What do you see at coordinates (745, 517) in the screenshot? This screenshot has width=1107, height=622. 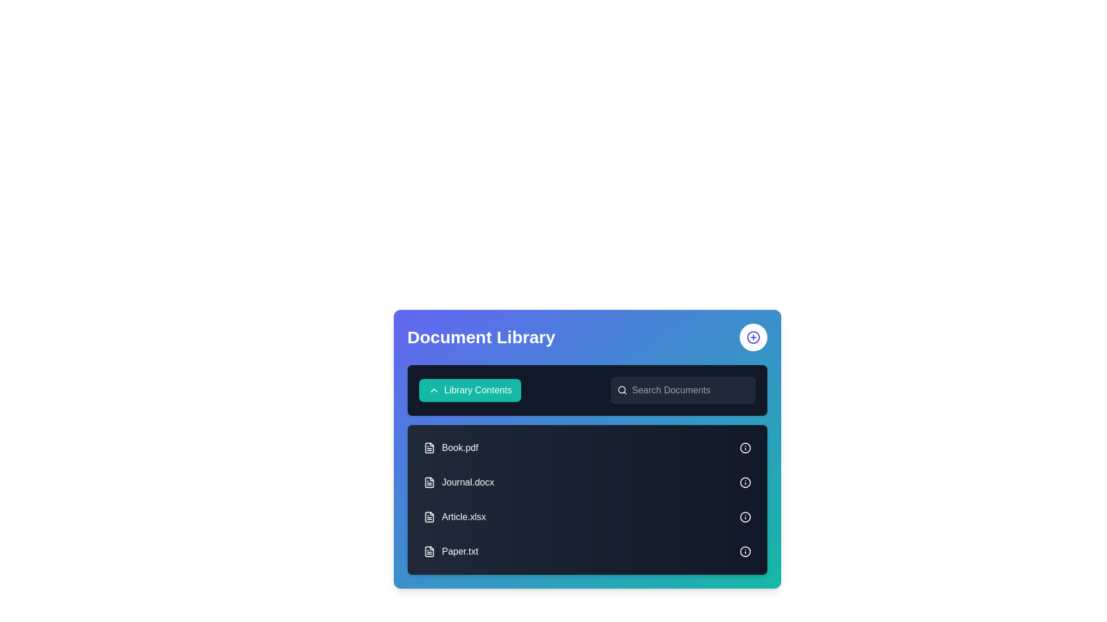 I see `the informational or action-trigger icon located to the far right of the row containing 'Article.xlsx'` at bounding box center [745, 517].